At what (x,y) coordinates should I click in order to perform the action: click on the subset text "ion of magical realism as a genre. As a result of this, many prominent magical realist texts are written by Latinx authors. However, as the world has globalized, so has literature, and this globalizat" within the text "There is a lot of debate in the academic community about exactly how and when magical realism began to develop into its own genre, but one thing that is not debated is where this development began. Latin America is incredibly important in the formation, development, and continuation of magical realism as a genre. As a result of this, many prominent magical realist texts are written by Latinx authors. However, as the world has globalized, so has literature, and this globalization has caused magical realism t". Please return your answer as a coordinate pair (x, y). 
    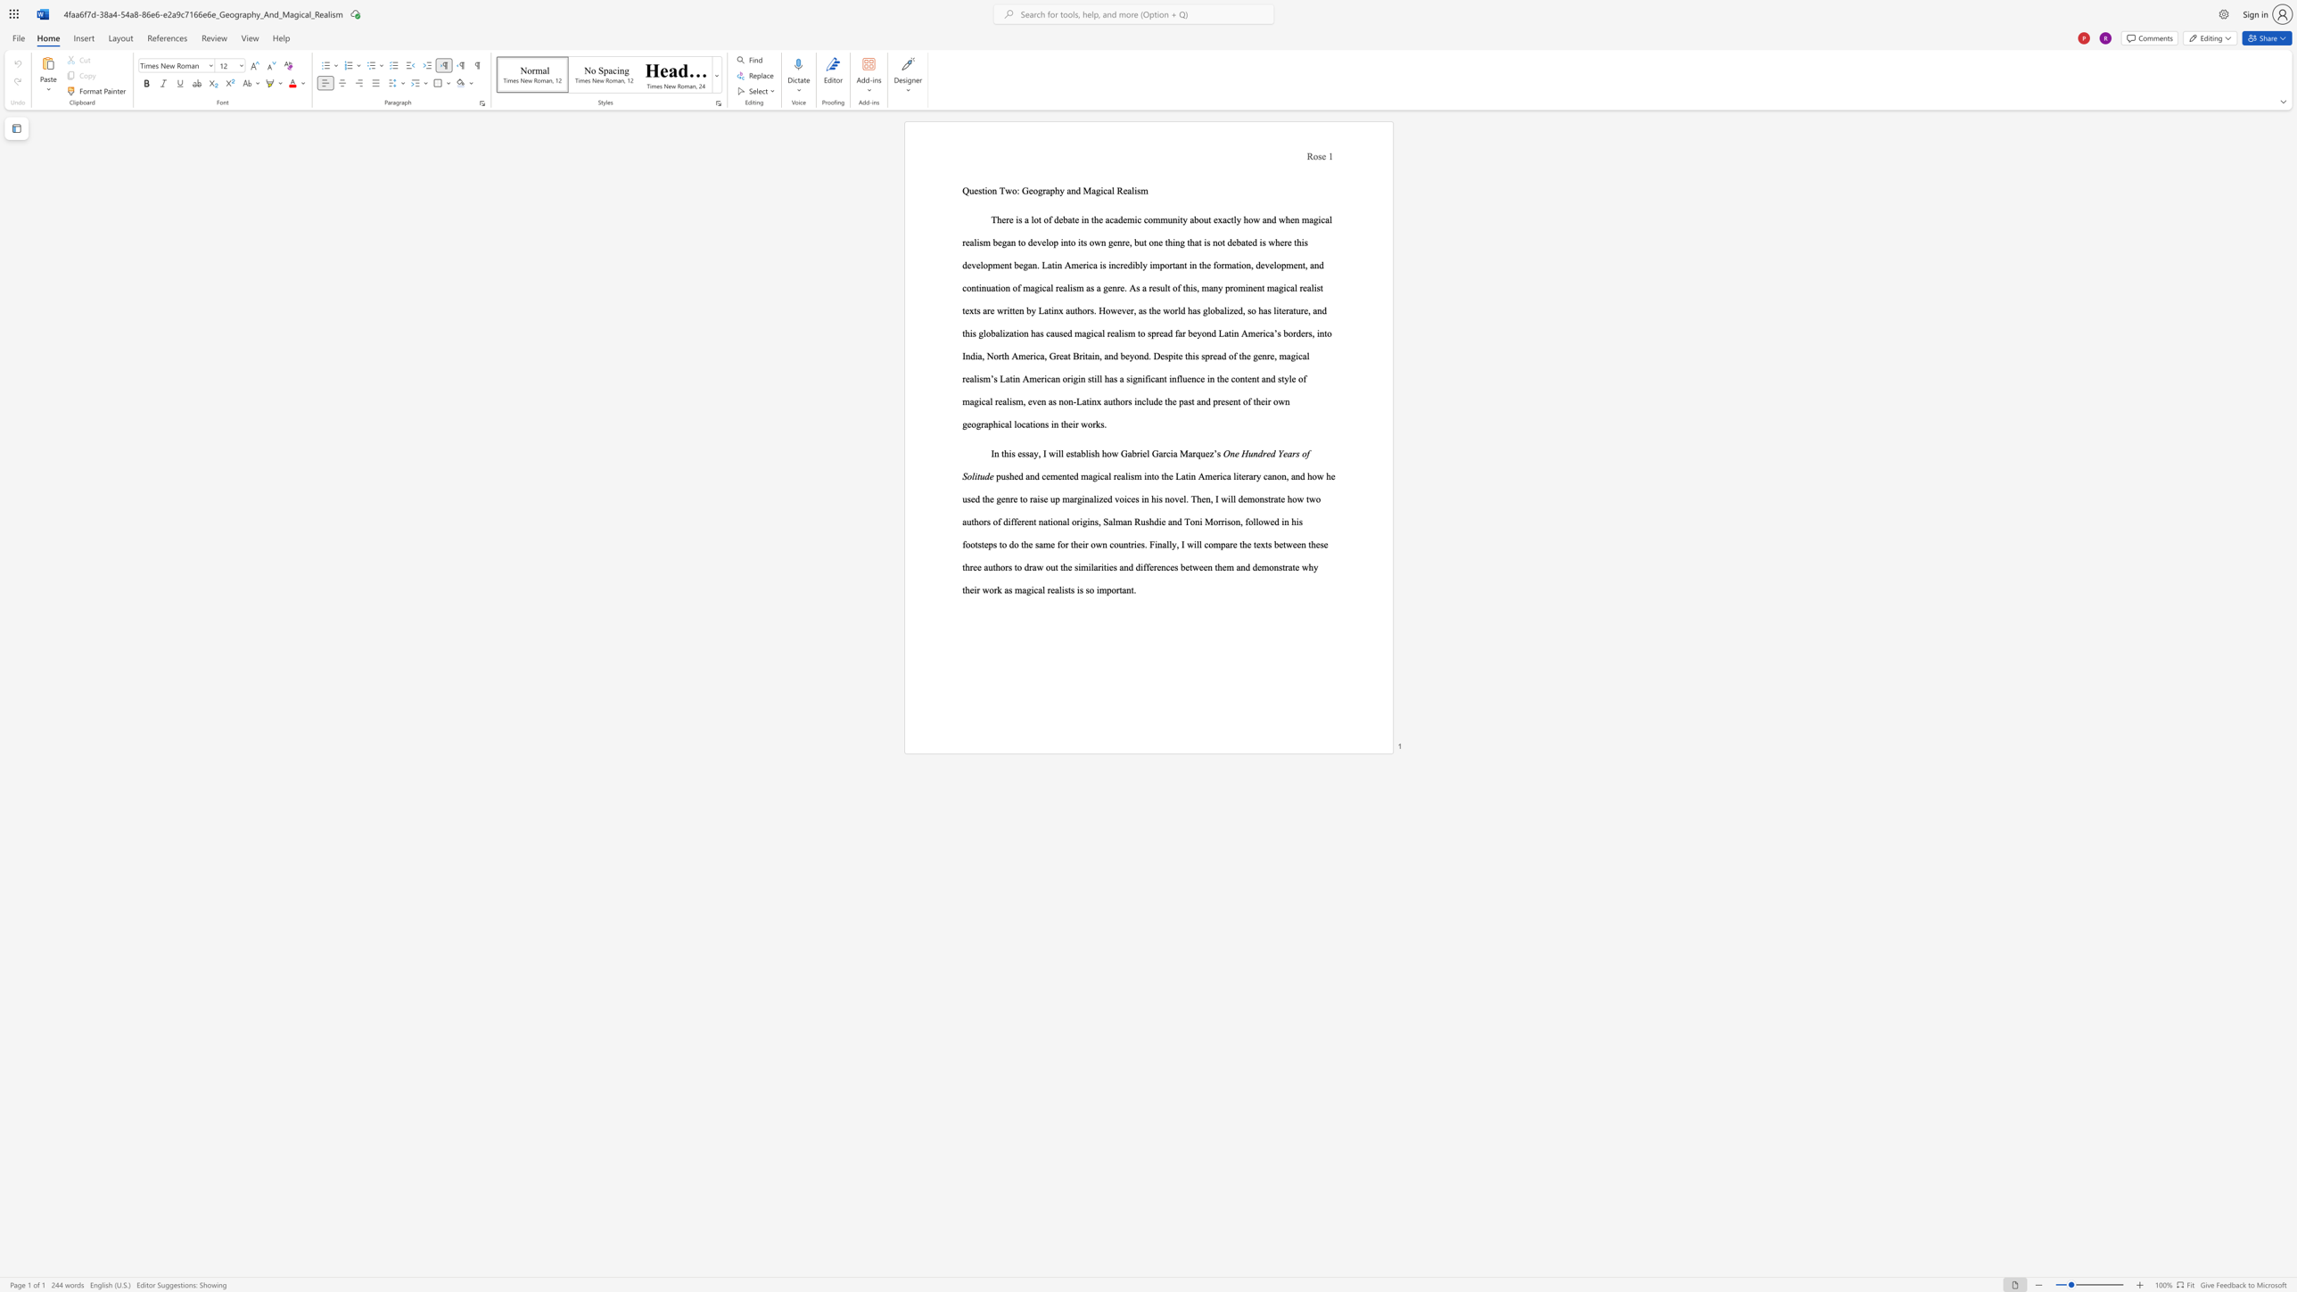
    Looking at the image, I should click on (998, 286).